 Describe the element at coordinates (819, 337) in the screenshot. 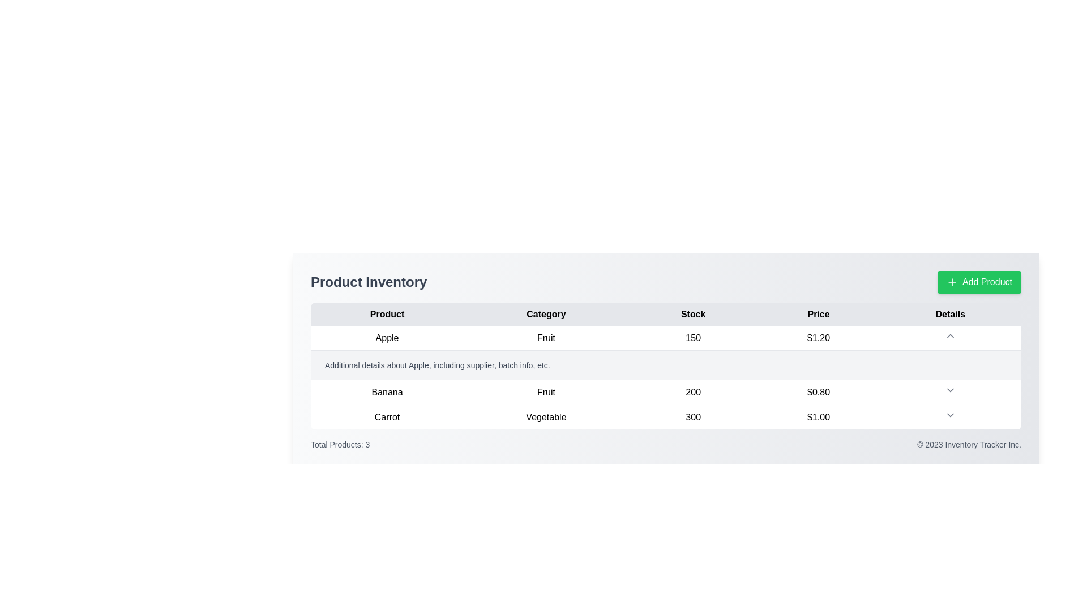

I see `the static text display showing the price '$1.20' for the product 'Apple' located in the fourth column labeled 'Price'` at that location.